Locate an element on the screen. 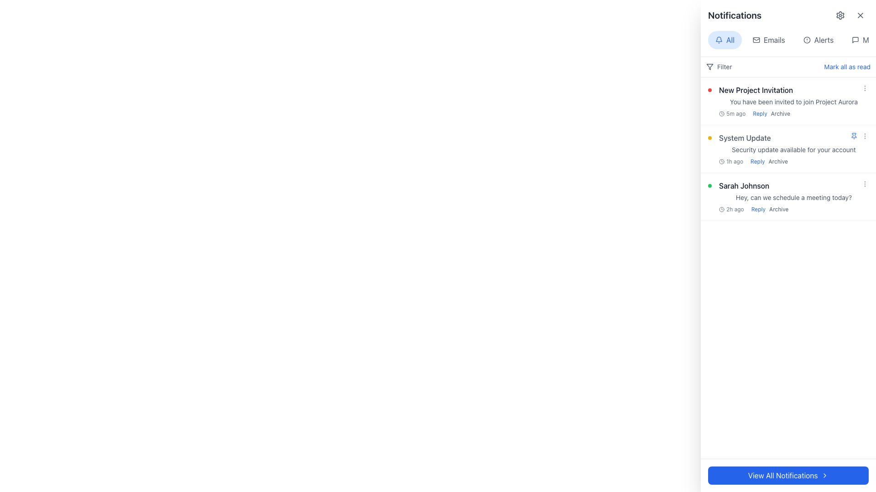 This screenshot has height=492, width=876. the timestamp element displaying '5m ago' next to the clock icon in the notification for 'New Project Invitation' is located at coordinates (732, 113).